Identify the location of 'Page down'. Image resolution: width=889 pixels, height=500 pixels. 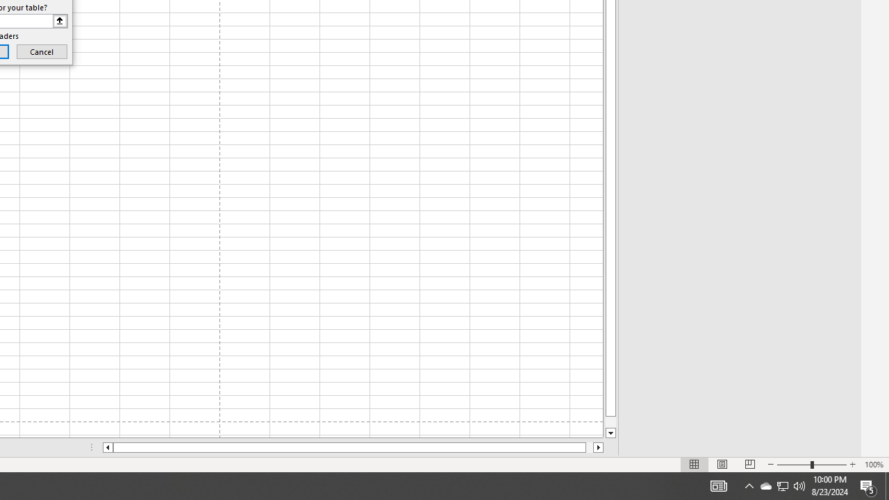
(610, 422).